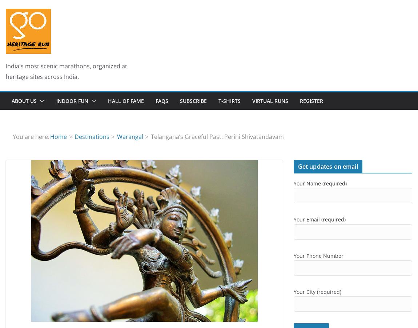 Image resolution: width=418 pixels, height=328 pixels. What do you see at coordinates (126, 100) in the screenshot?
I see `'Hall of Fame'` at bounding box center [126, 100].